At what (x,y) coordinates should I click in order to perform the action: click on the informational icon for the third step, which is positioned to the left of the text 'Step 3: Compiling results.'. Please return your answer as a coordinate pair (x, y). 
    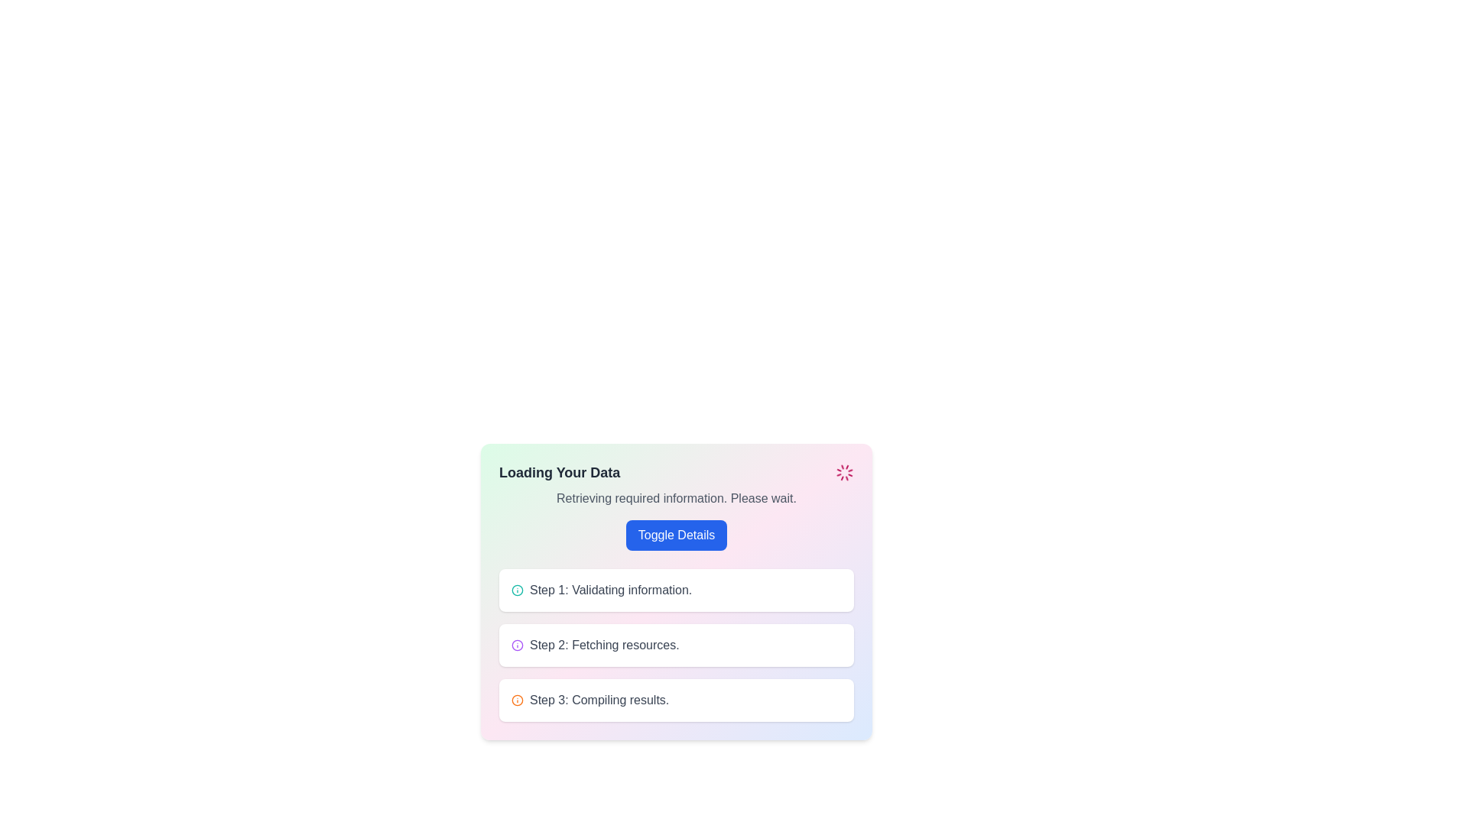
    Looking at the image, I should click on (517, 700).